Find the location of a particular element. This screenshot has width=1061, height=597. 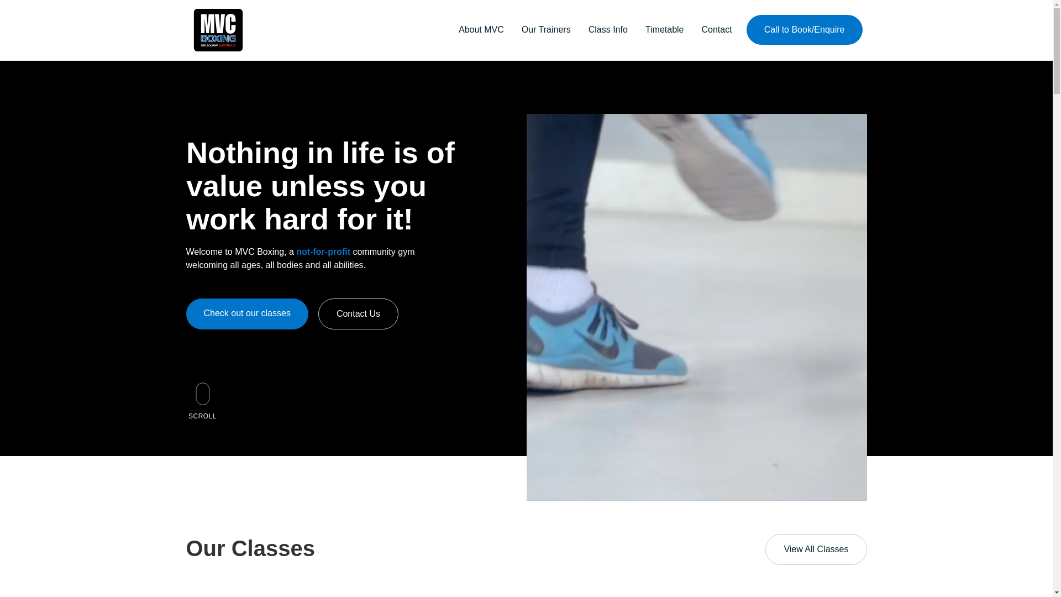

'Class Info' is located at coordinates (607, 29).